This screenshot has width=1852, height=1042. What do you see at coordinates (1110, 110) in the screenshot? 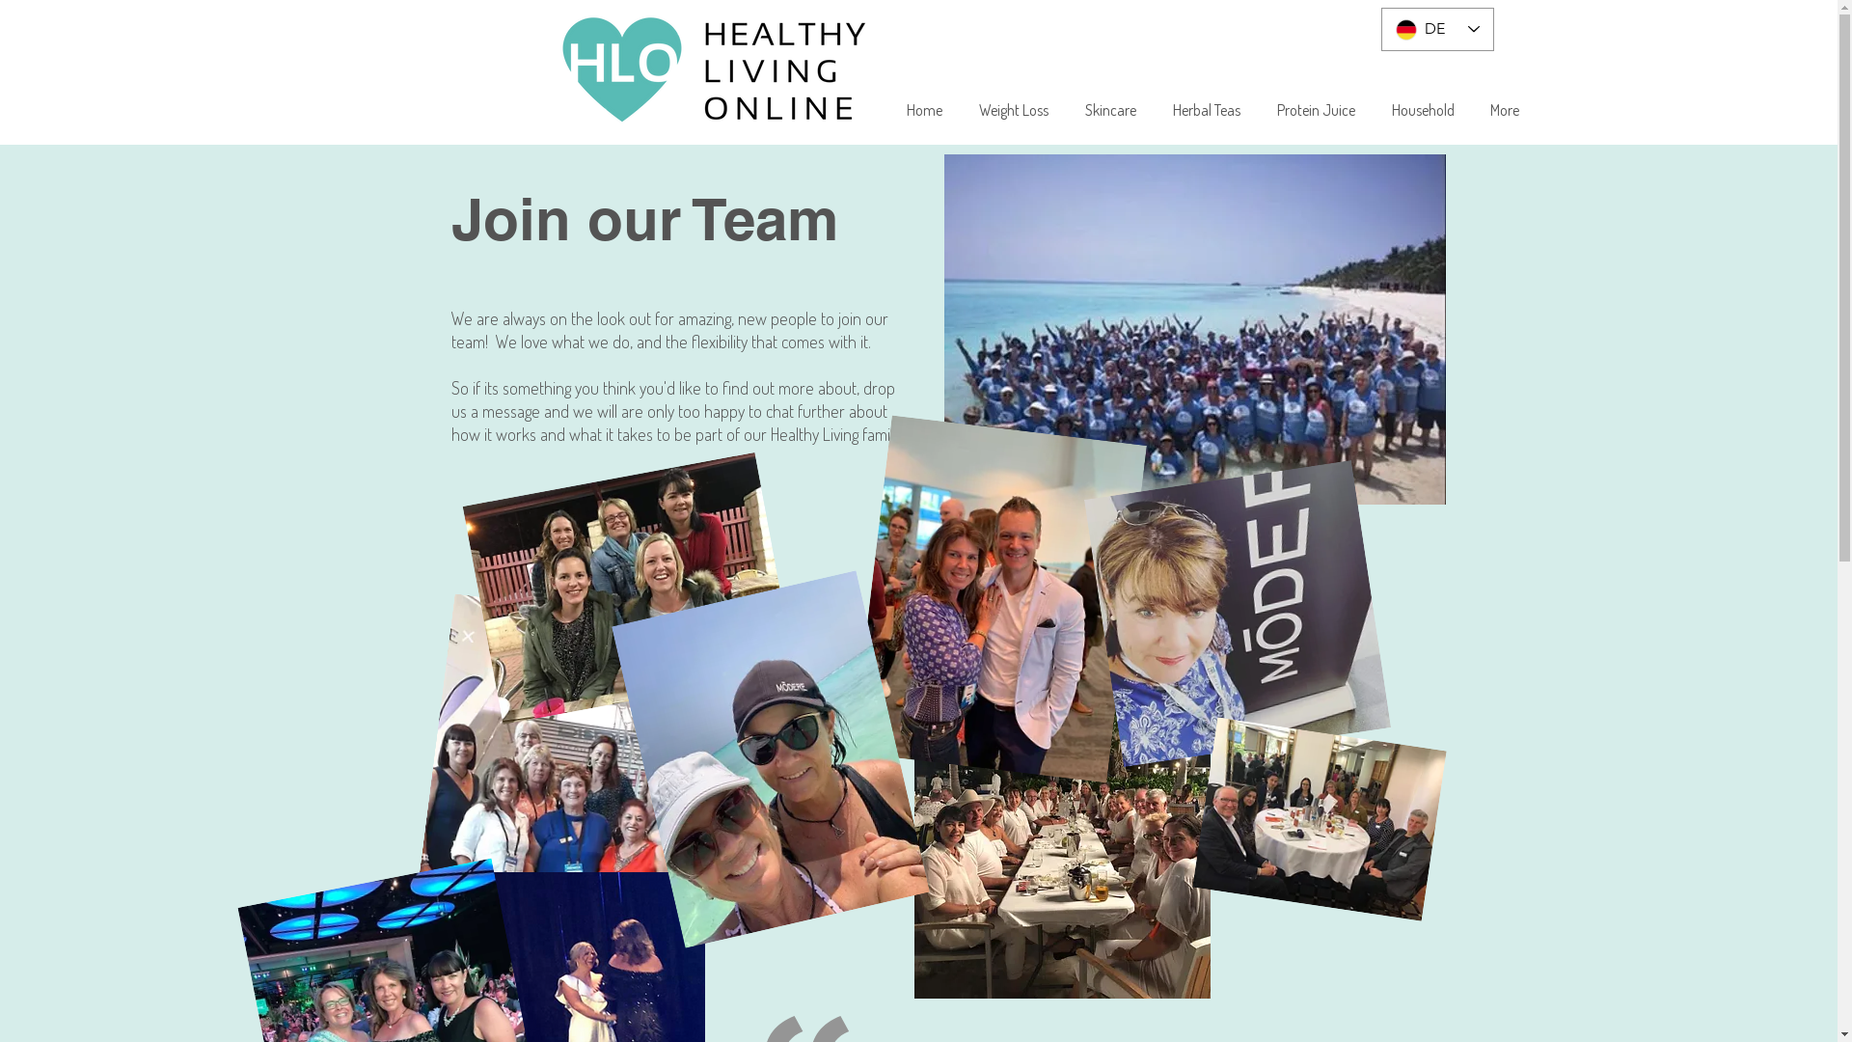
I see `'Skincare'` at bounding box center [1110, 110].